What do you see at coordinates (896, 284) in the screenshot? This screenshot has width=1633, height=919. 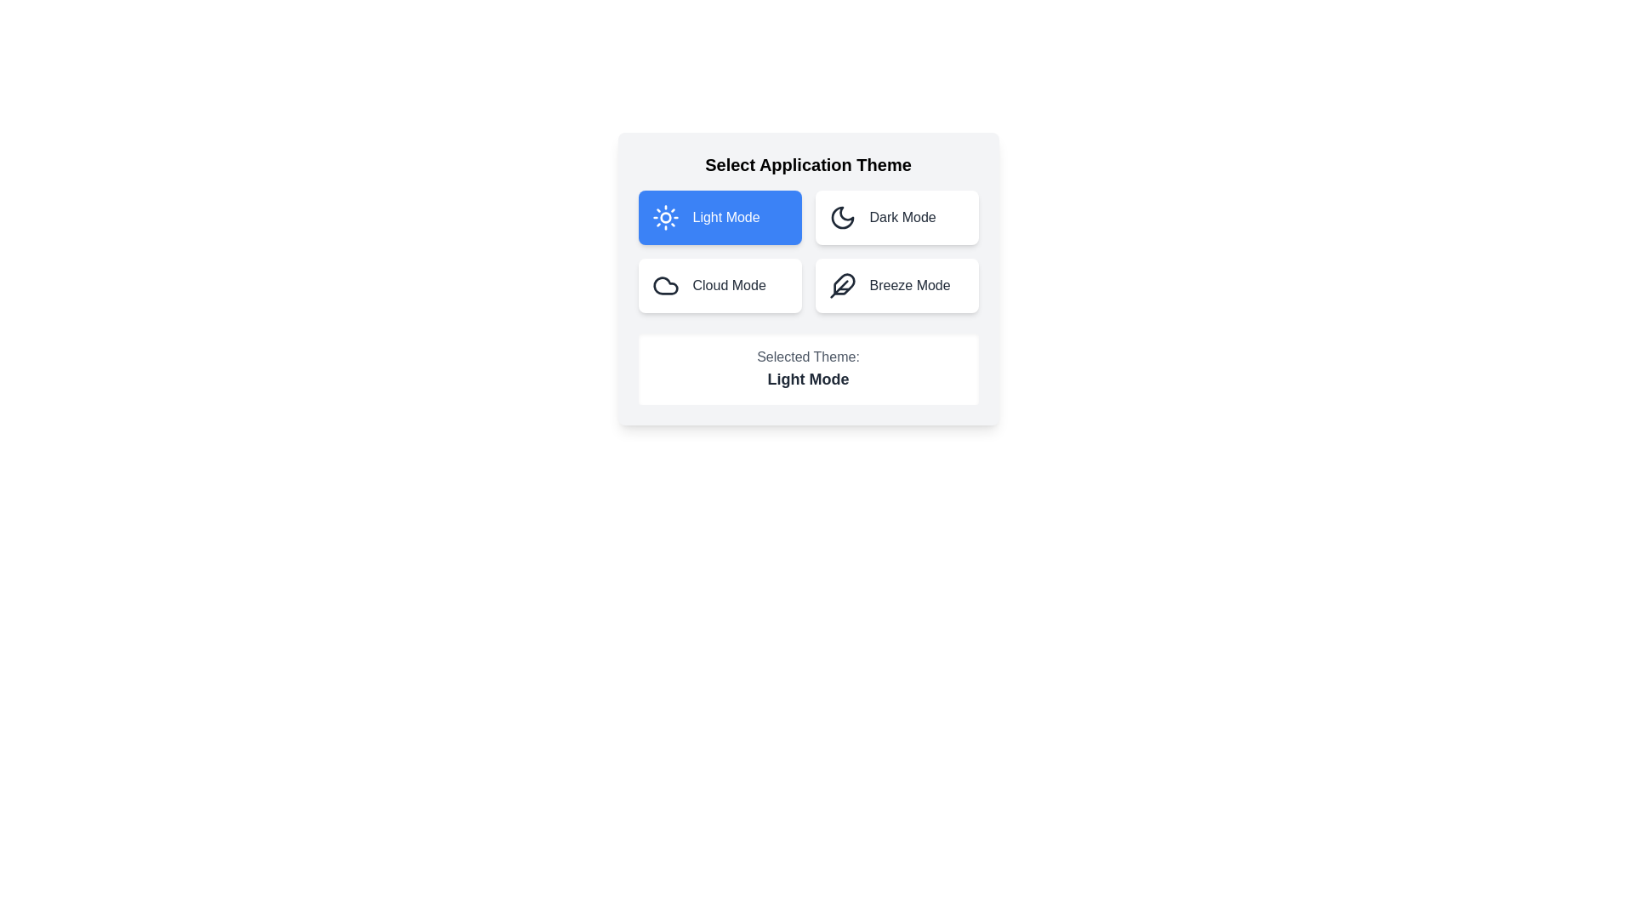 I see `the theme by clicking on the button corresponding to Breeze Mode` at bounding box center [896, 284].